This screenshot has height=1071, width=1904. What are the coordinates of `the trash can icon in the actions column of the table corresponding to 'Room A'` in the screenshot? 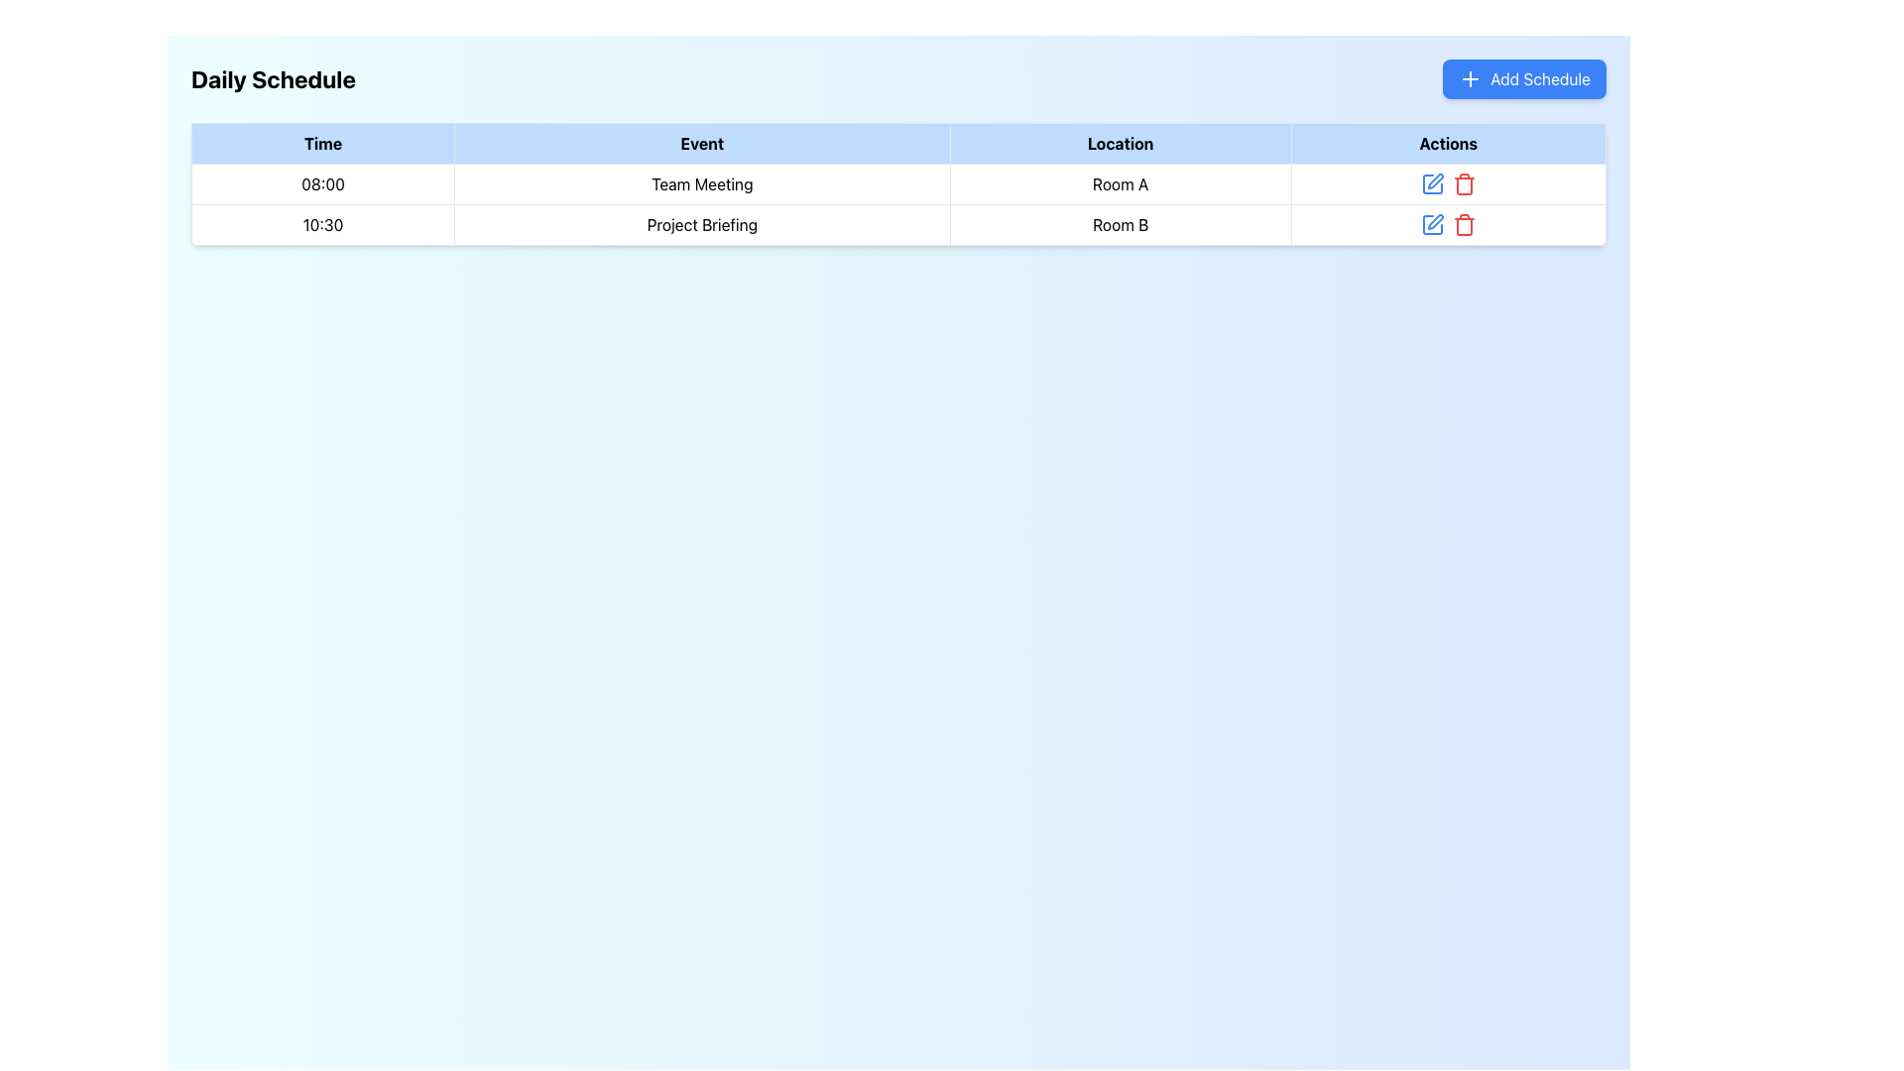 It's located at (1448, 183).